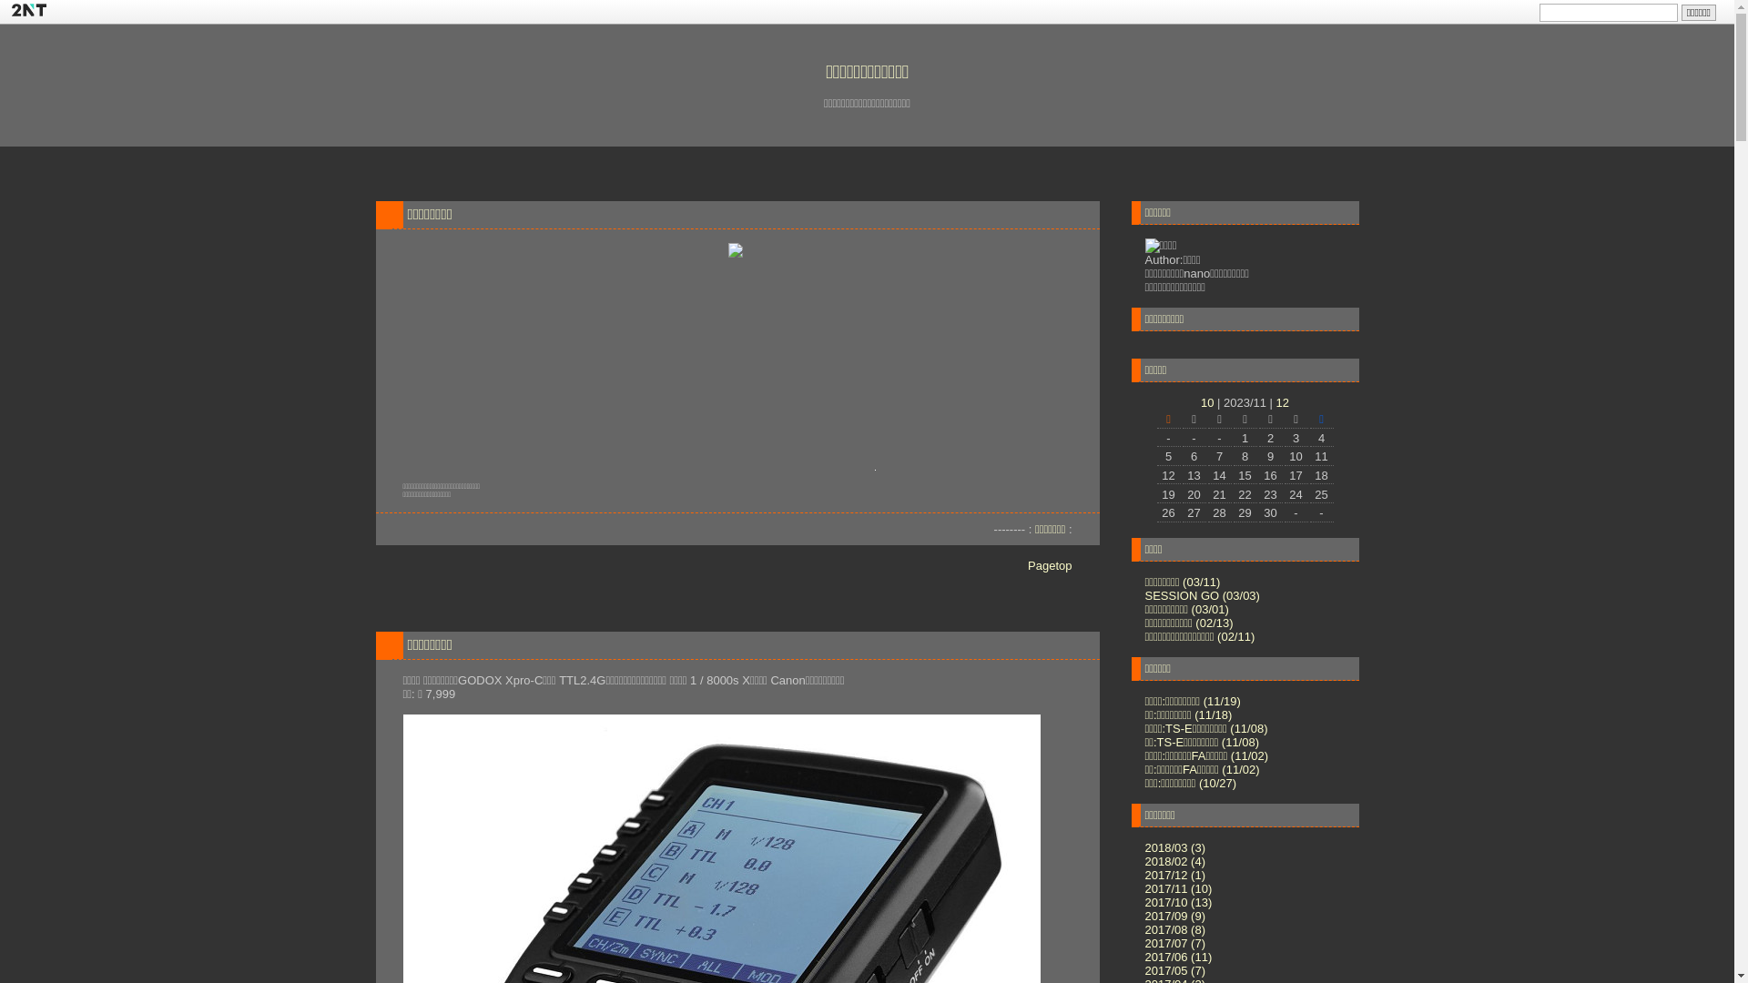 This screenshot has width=1748, height=983. What do you see at coordinates (1175, 860) in the screenshot?
I see `'2018/02 (4)'` at bounding box center [1175, 860].